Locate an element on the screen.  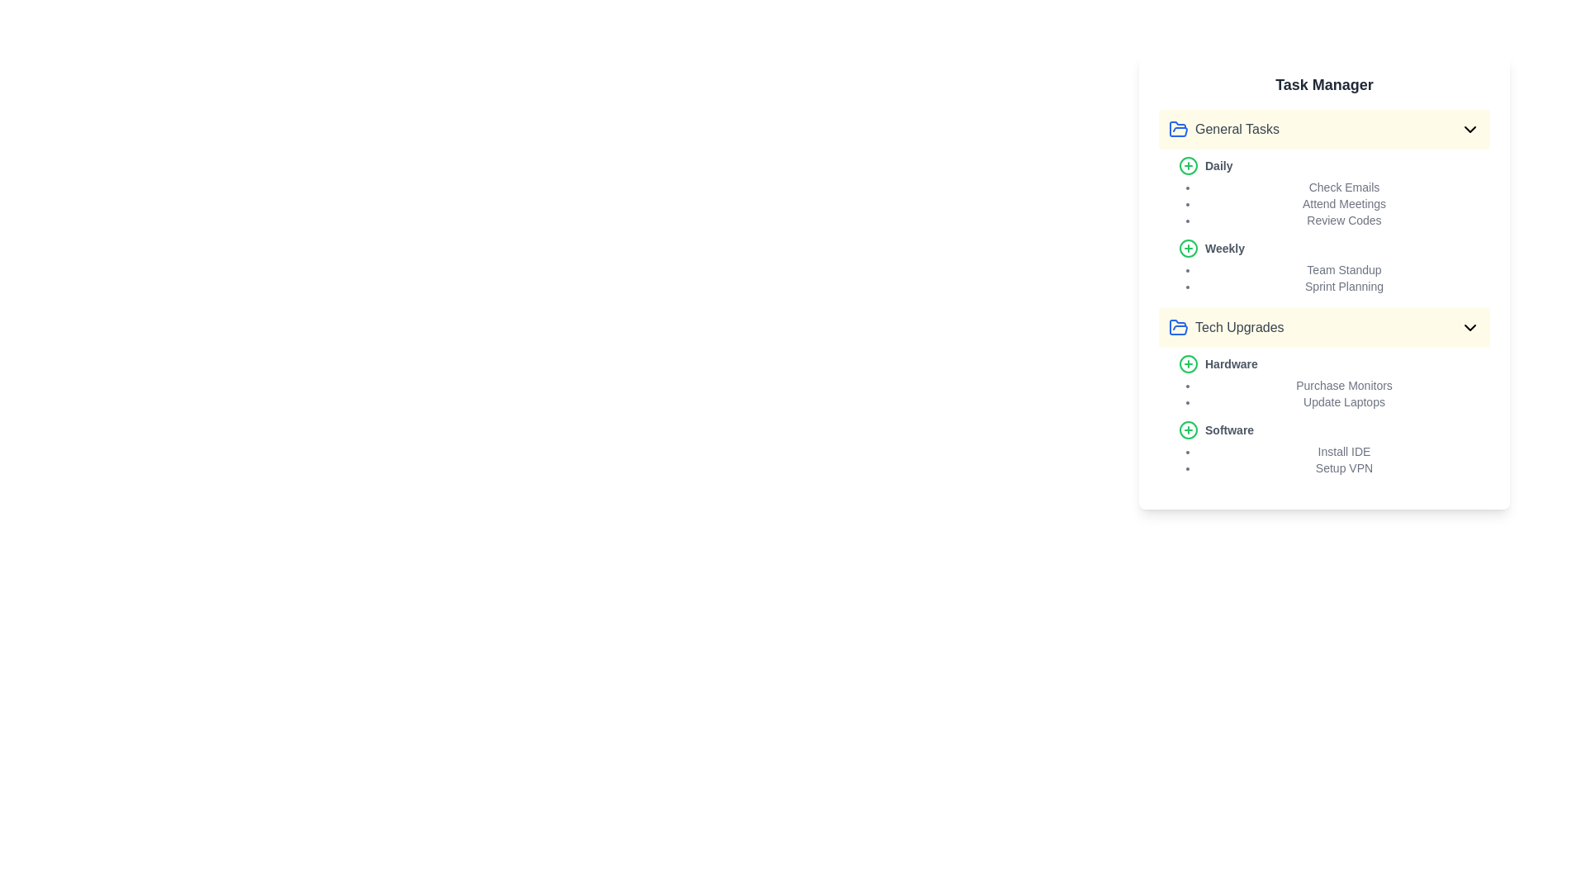
the 'Hardware' category header is located at coordinates (1334, 382).